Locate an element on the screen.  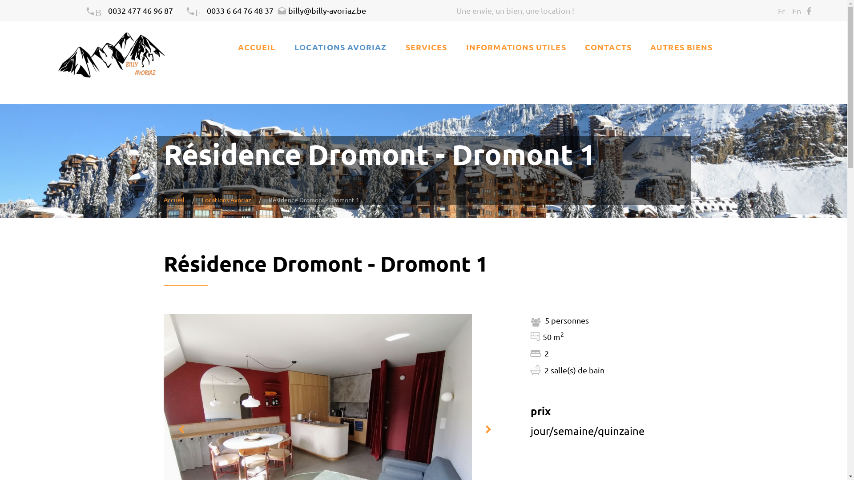
'Accueil' is located at coordinates (174, 199).